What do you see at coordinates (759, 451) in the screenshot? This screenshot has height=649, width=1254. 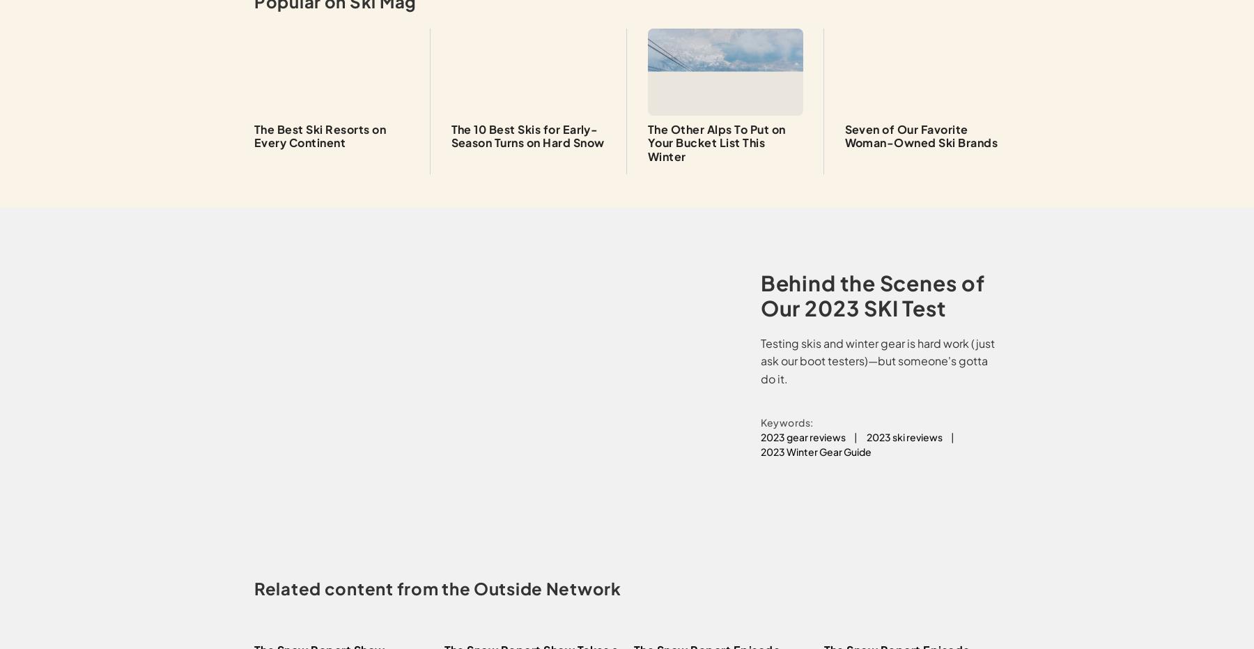 I see `'2023 Winter Gear Guide'` at bounding box center [759, 451].